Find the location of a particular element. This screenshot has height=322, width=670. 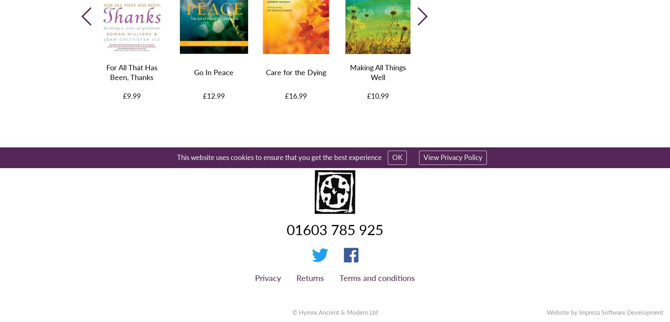

'View Privacy Policy' is located at coordinates (453, 156).